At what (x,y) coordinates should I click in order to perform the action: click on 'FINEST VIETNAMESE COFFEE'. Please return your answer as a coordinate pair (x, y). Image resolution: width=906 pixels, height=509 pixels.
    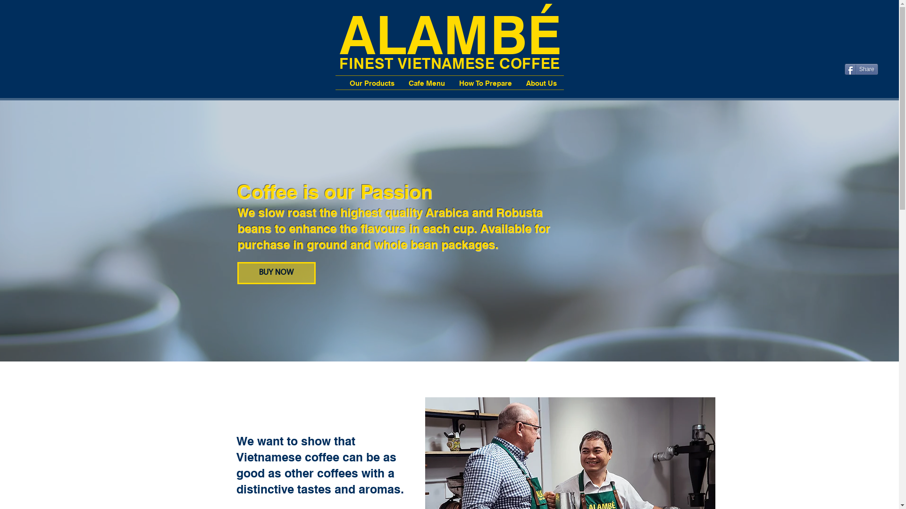
    Looking at the image, I should click on (449, 62).